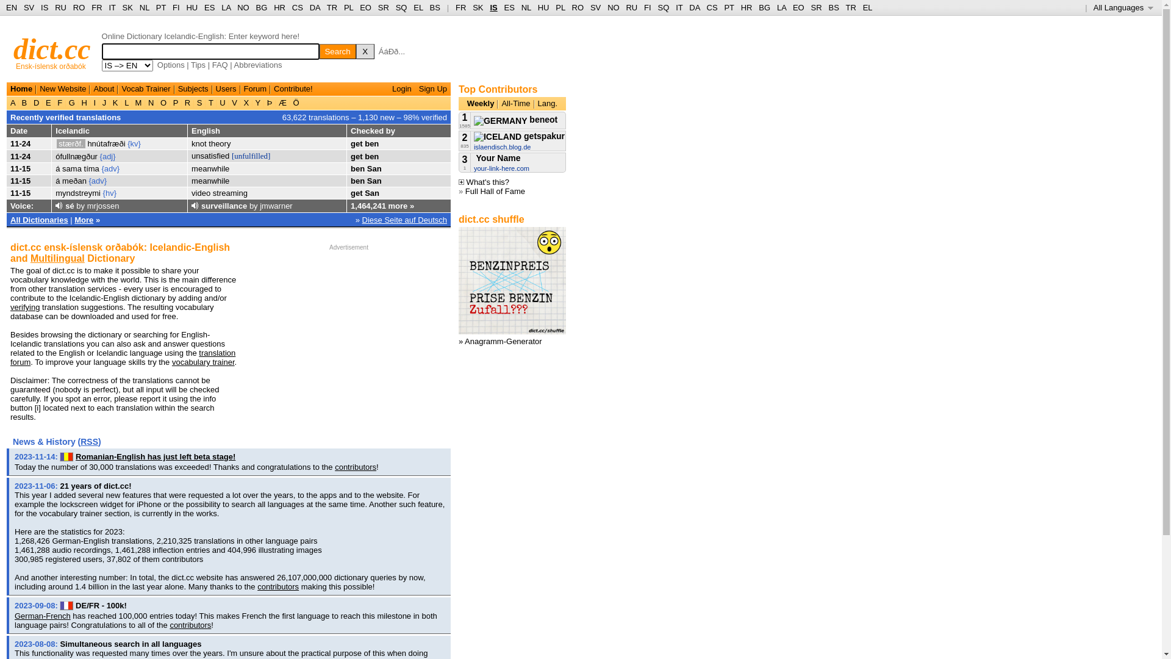 This screenshot has height=659, width=1171. What do you see at coordinates (226, 7) in the screenshot?
I see `'LA'` at bounding box center [226, 7].